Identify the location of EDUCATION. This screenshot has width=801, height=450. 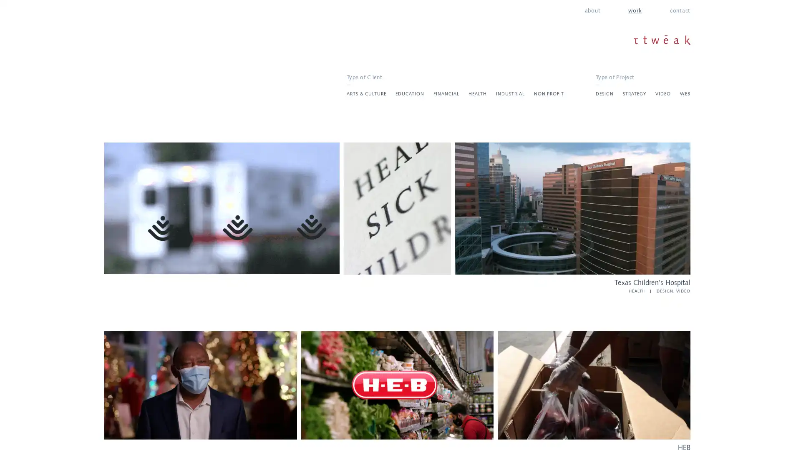
(410, 94).